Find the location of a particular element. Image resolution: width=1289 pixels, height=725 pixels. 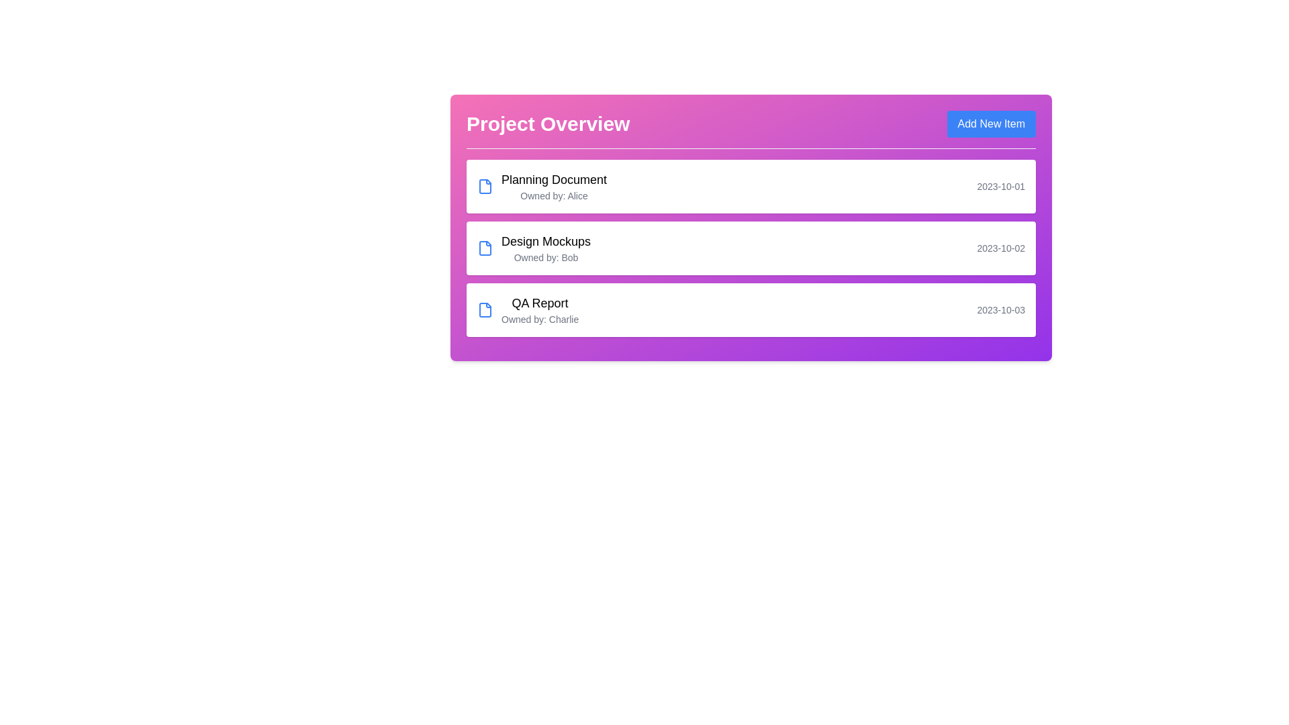

the static text element that displays 'Planning Document' and 'Owned by: Alice', located in the first card on the top-right section of the interface is located at coordinates (554, 186).